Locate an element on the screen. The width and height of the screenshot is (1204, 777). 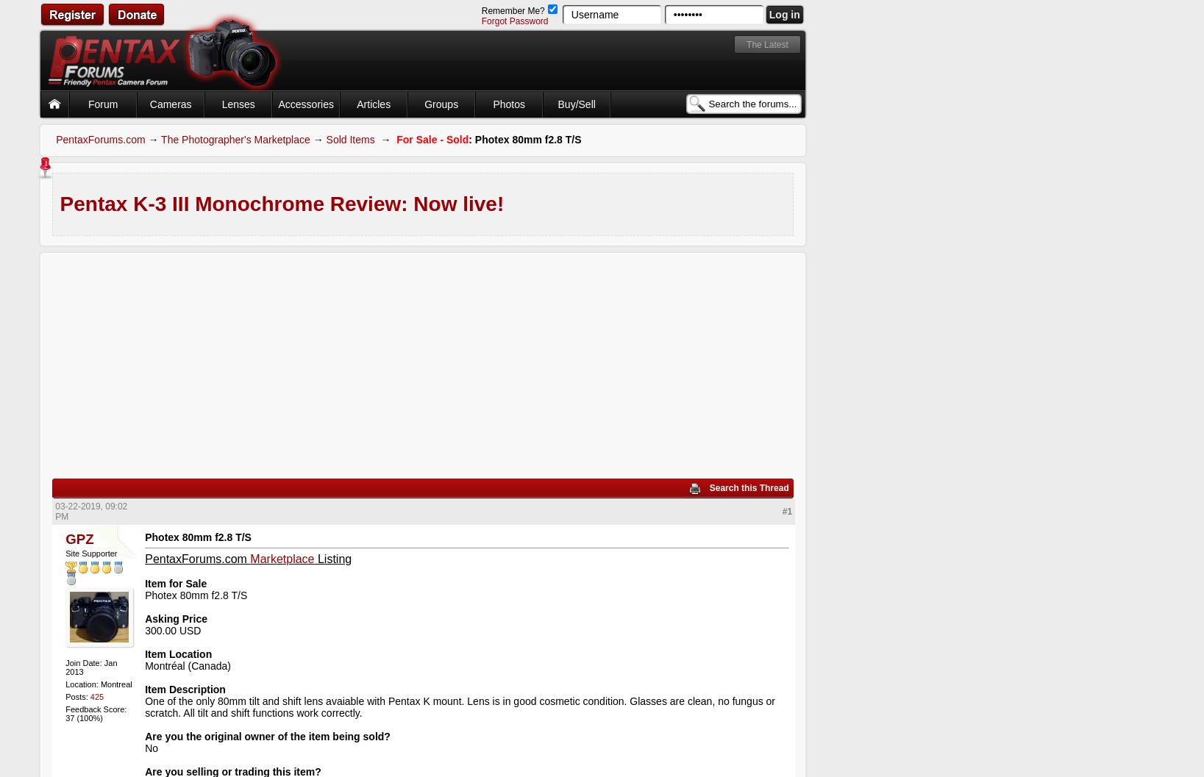
'GPZ' is located at coordinates (79, 537).